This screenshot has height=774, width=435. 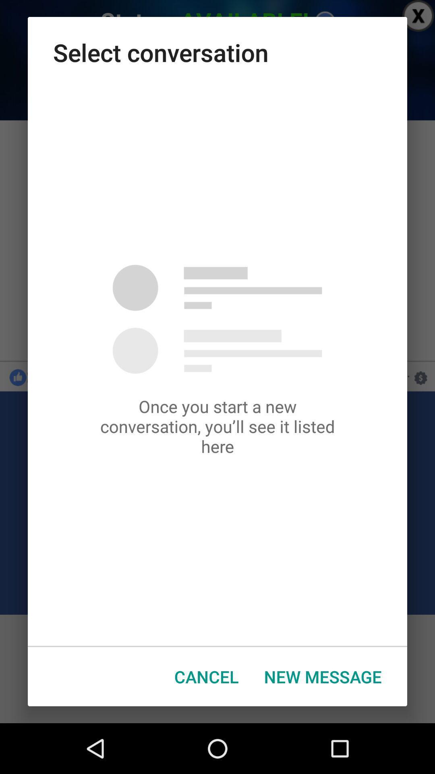 I want to click on new message, so click(x=322, y=676).